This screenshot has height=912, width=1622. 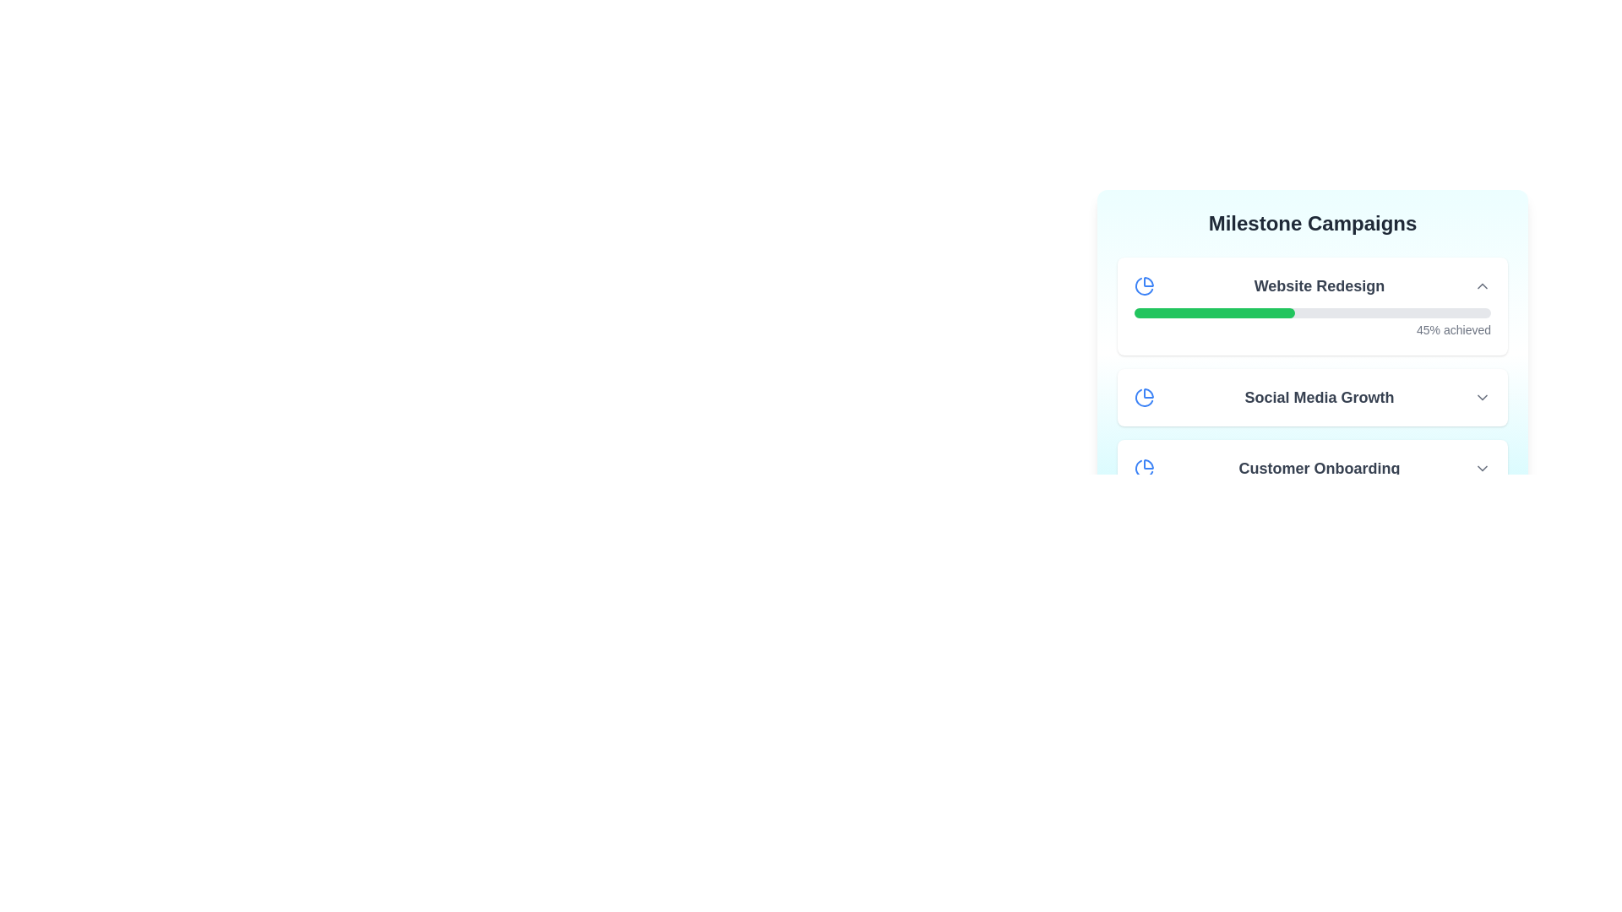 I want to click on the Progress Bar in the 'Milestone Campaigns' section that indicates 45% completion of the 'Website Redesign' milestone, positioned above the text '45% achieved.', so click(x=1312, y=312).